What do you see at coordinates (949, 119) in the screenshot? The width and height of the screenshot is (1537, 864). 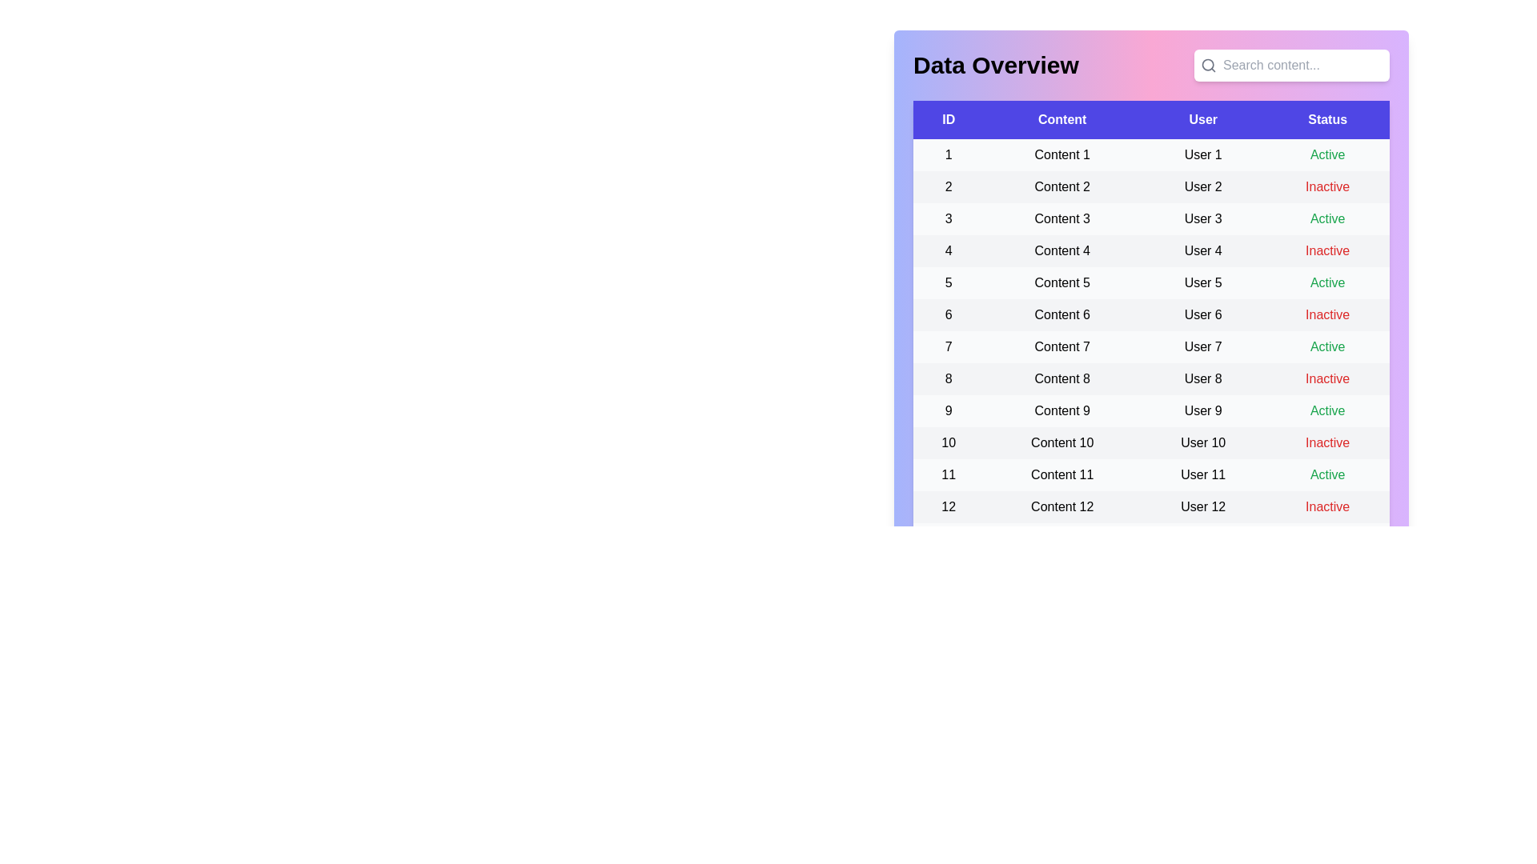 I see `the column header ID to sort the table by that column` at bounding box center [949, 119].